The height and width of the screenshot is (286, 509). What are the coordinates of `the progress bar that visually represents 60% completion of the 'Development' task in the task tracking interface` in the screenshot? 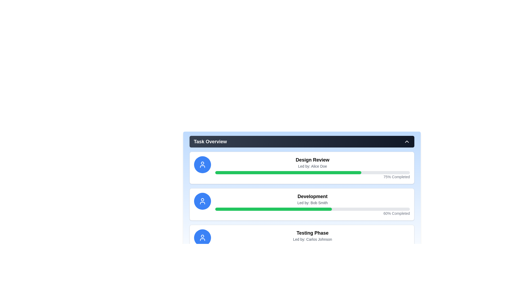 It's located at (274, 209).